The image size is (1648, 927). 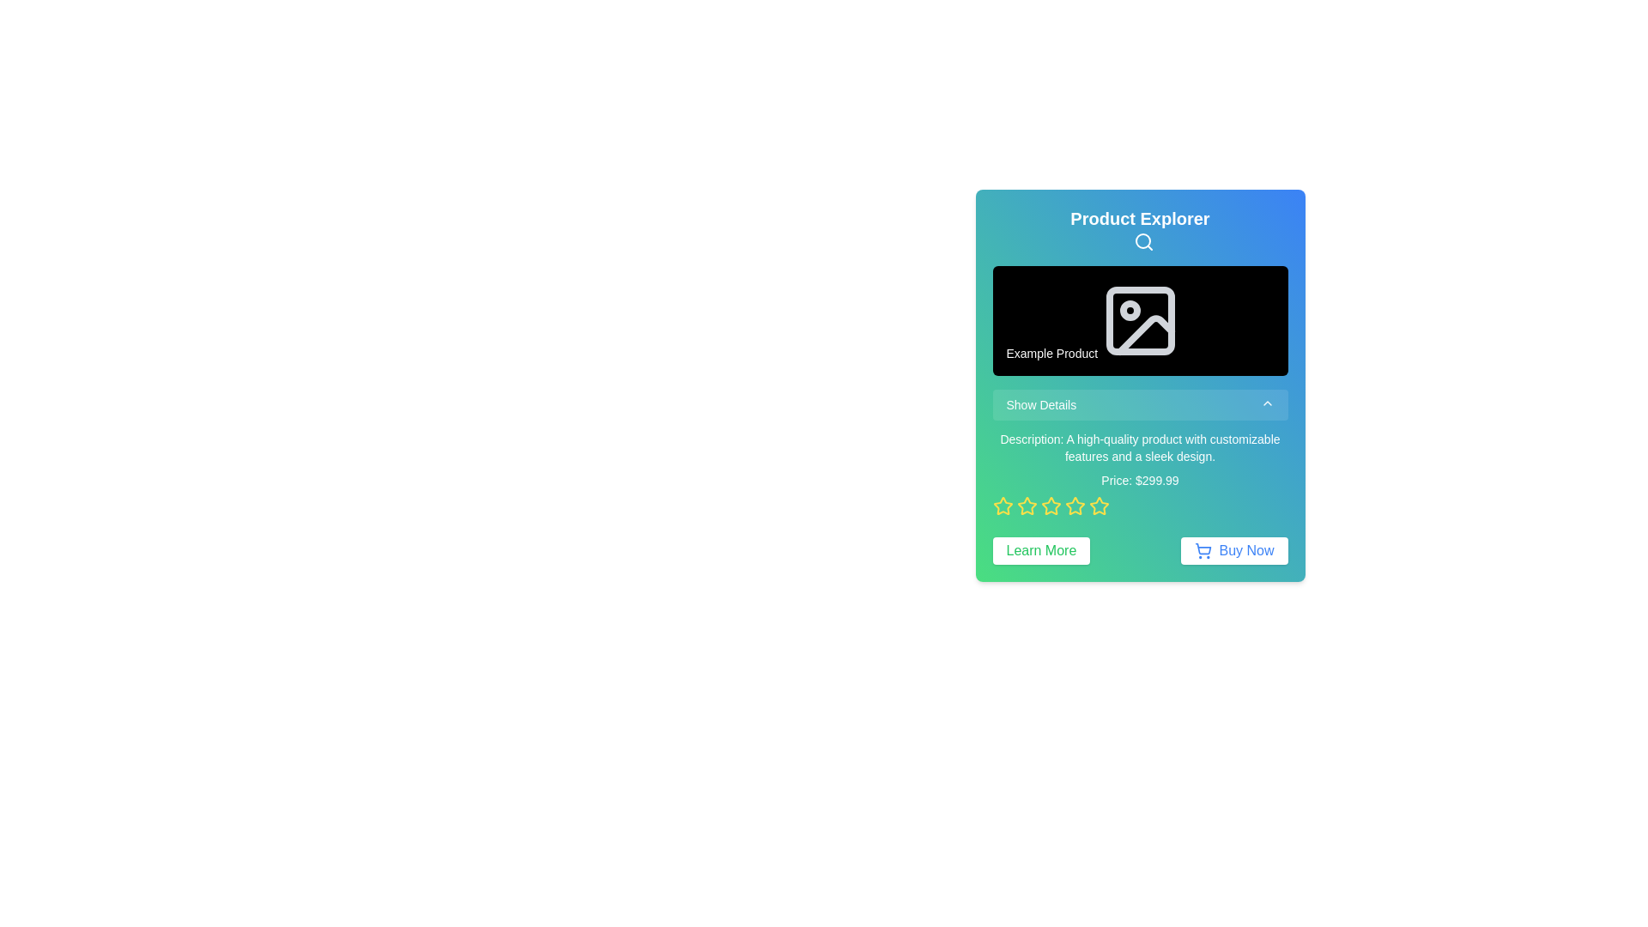 What do you see at coordinates (1143, 241) in the screenshot?
I see `the search icon located at the top center of the card interface, just below the 'Product Explorer' heading` at bounding box center [1143, 241].